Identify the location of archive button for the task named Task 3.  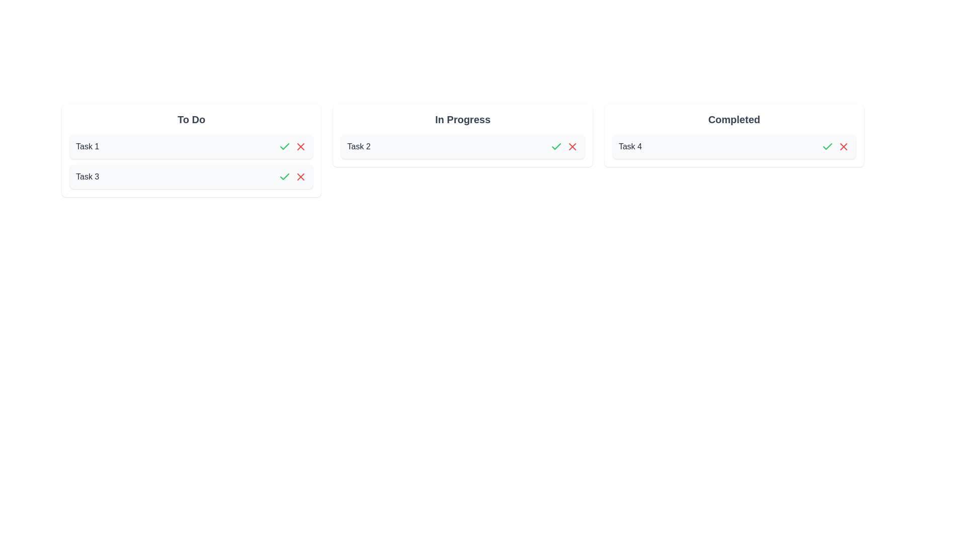
(300, 176).